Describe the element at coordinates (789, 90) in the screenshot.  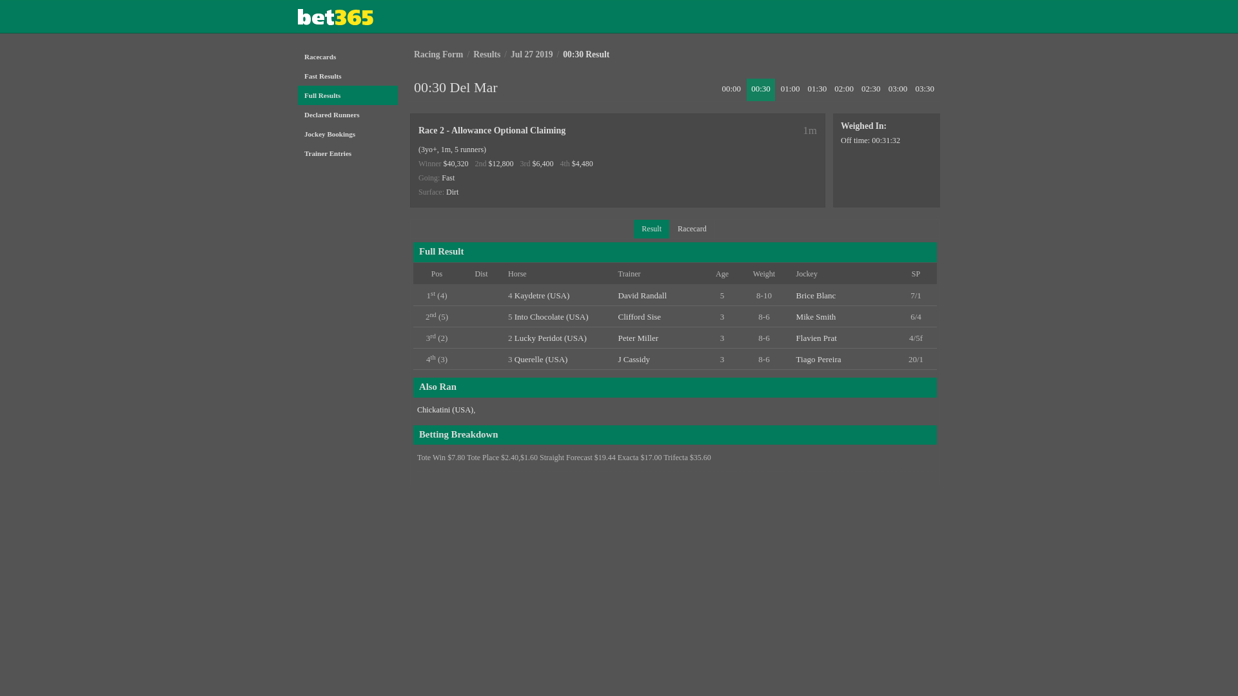
I see `'01:00'` at that location.